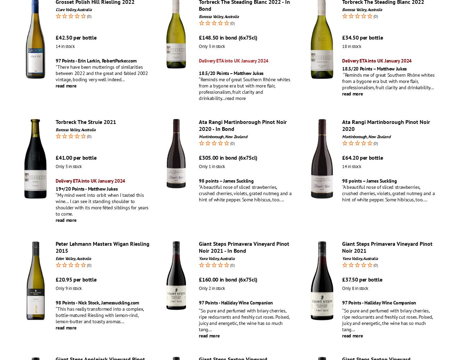  I want to click on '“This has really transformed into a complex, bottle-matured Riesling with lemon-rind, lemon-butter and toasty aromas...', so click(99, 315).